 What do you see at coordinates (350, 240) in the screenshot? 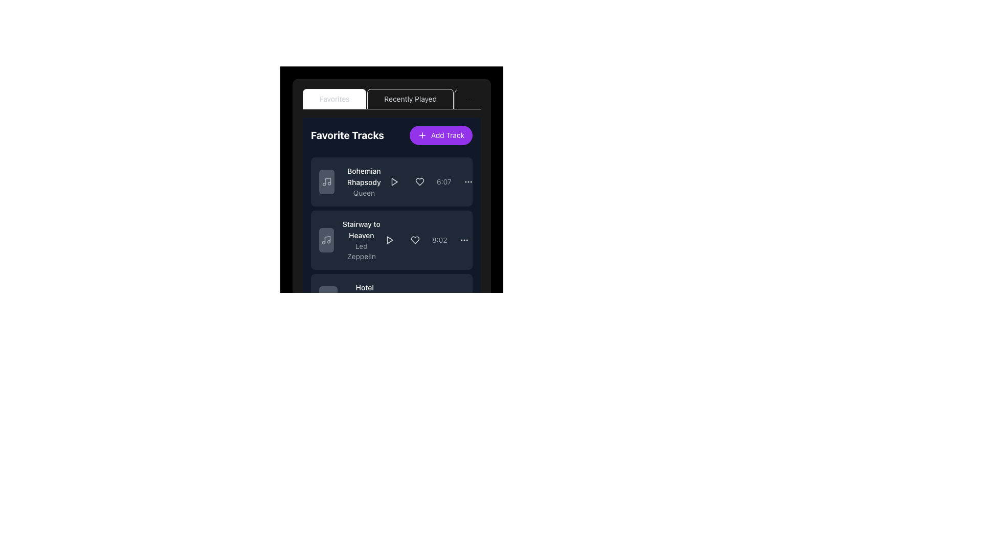
I see `the list item for the music track 'Stairway to Heaven' by 'Led Zeppelin', which features a gray icon with a music note and is located in the 'Favorite Tracks' section below 'Bohemian Rhapsody'` at bounding box center [350, 240].